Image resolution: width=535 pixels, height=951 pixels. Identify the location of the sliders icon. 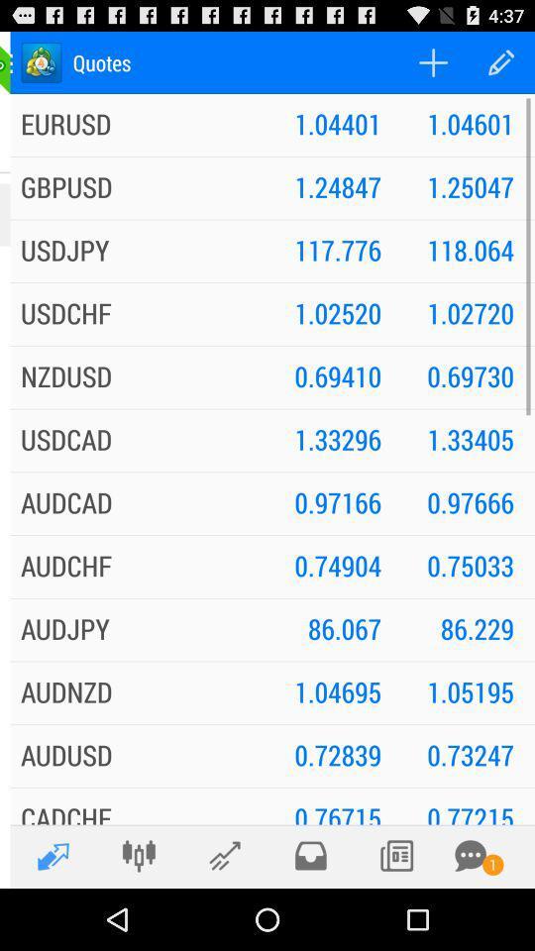
(138, 915).